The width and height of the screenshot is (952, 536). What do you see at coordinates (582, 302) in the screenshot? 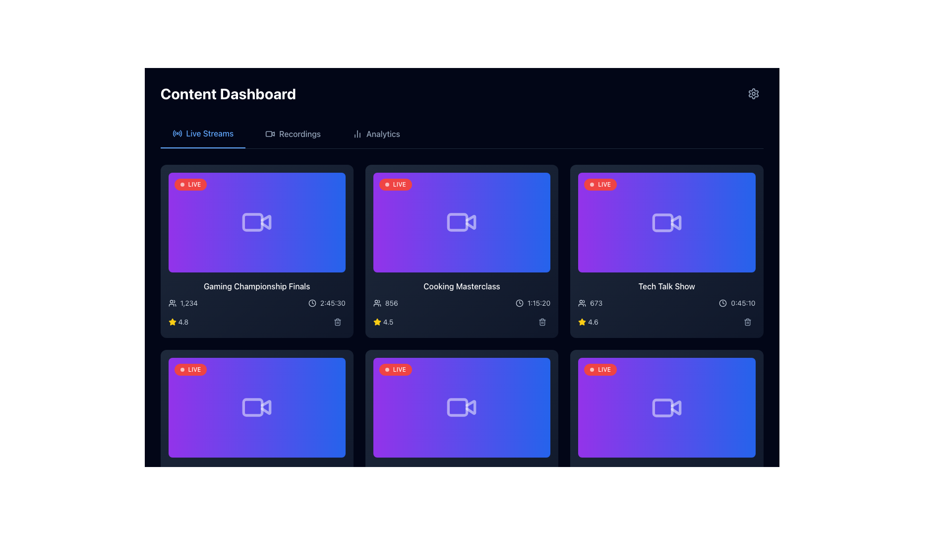
I see `the small icon resembling a group of people located on the rightmost card in the second row of the dashboard, next to the text reading '673'` at bounding box center [582, 302].